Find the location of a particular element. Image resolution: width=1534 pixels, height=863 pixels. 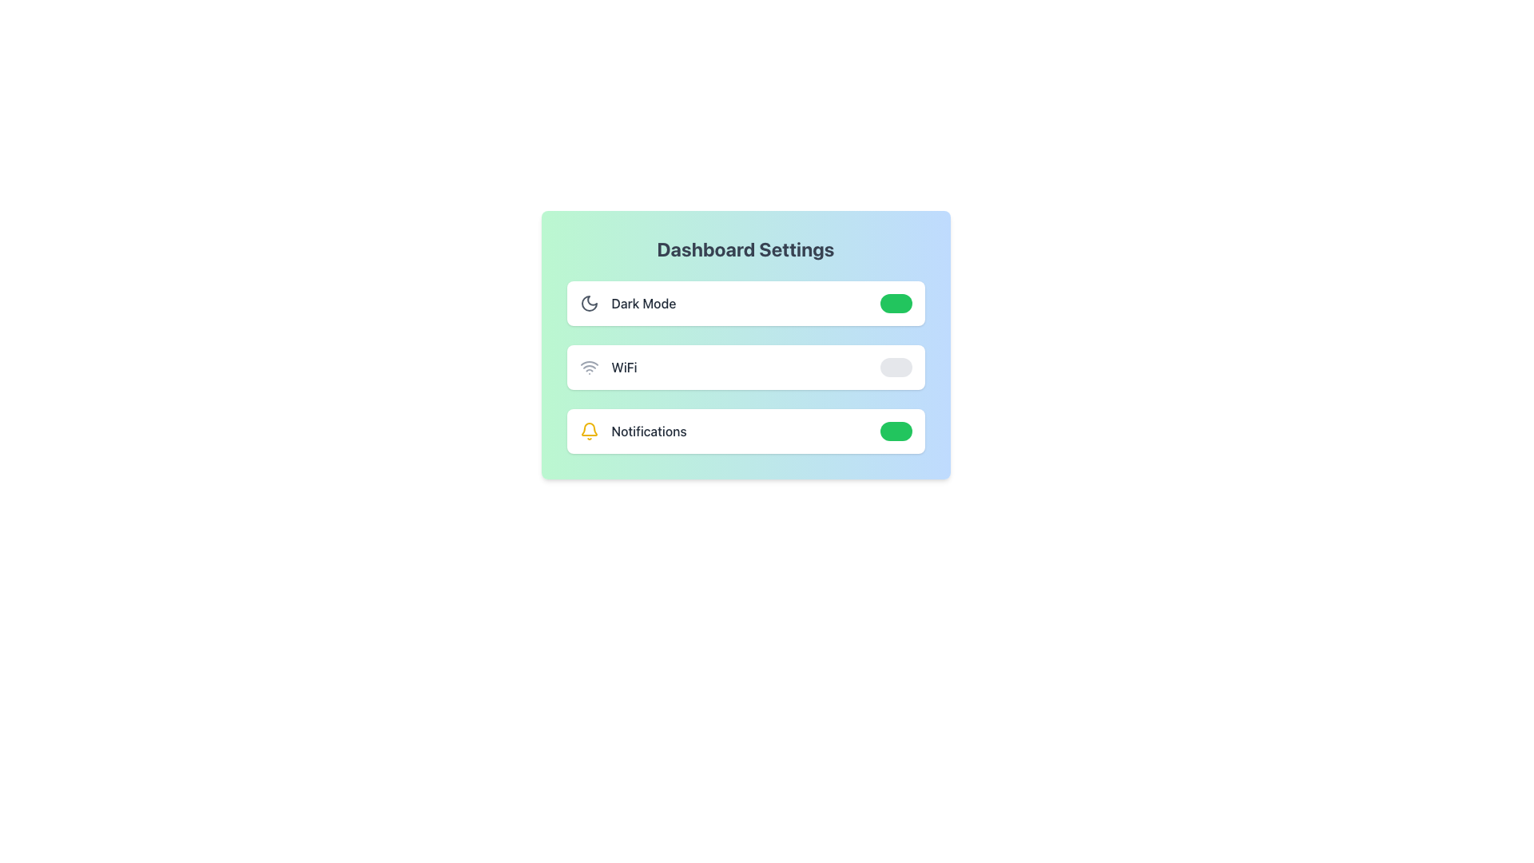

the toggle switch in the Notifications section, which has a green background and a round white button indicating its enabled state, to determine the setting status is located at coordinates (896, 431).